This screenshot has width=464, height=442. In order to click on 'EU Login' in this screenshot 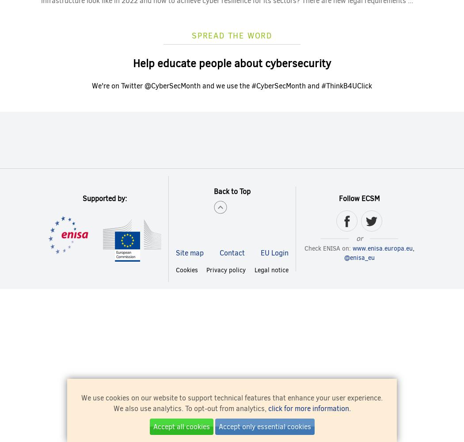, I will do `click(274, 252)`.